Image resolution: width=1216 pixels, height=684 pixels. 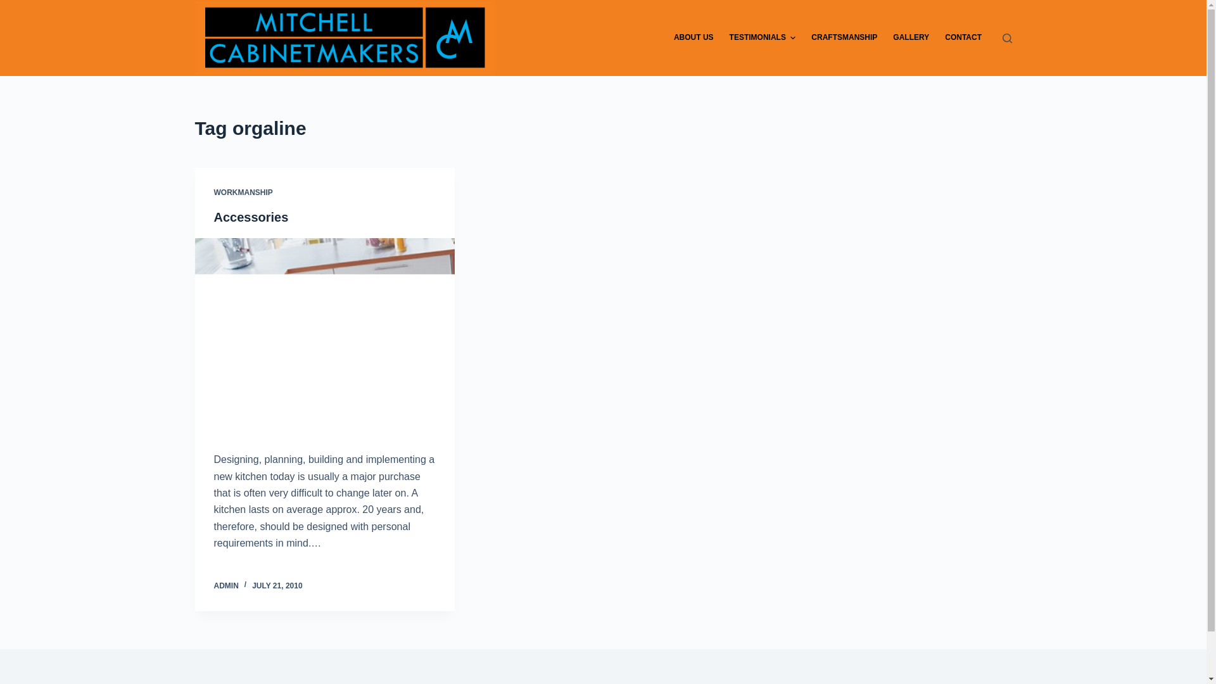 I want to click on 'Skip to content', so click(x=12, y=6).